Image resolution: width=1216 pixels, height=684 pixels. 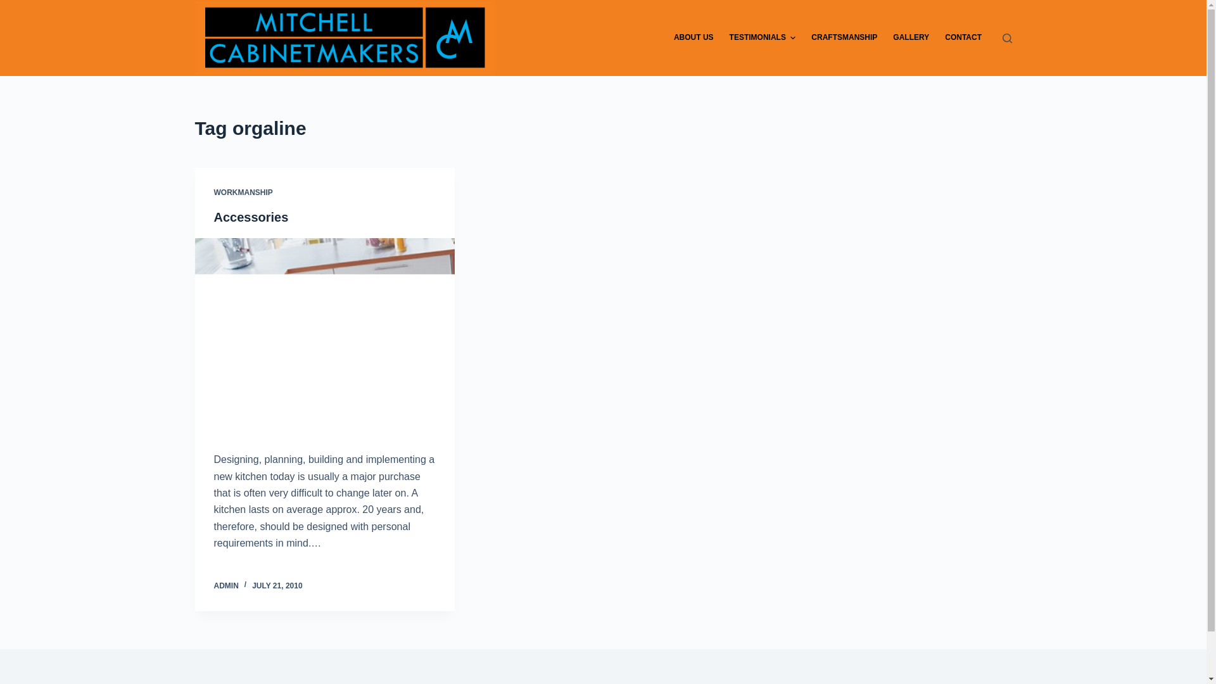 I want to click on 'Skip to content', so click(x=12, y=6).